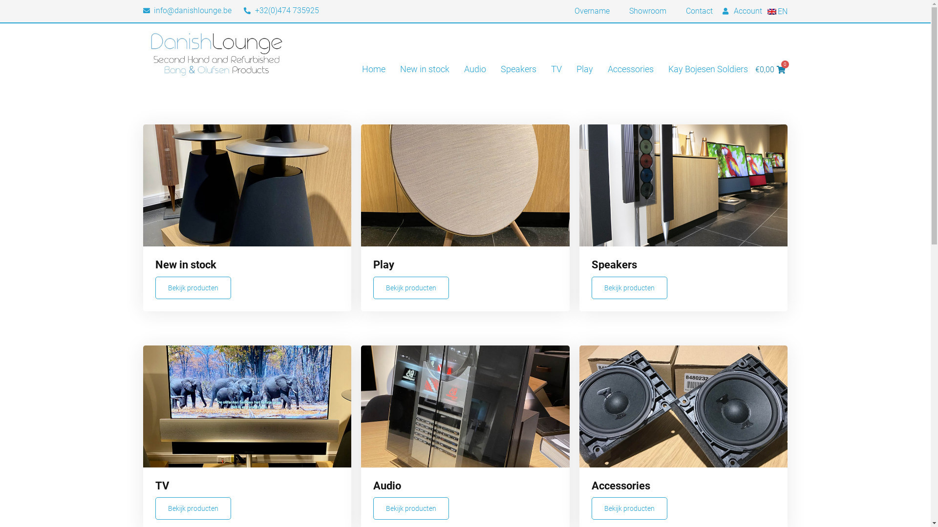 Image resolution: width=938 pixels, height=527 pixels. Describe the element at coordinates (475, 69) in the screenshot. I see `'Audio'` at that location.